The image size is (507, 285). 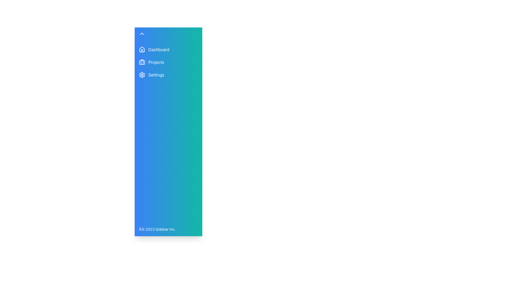 I want to click on the gear-shaped settings icon located to the left of the text 'Settings' in the vertical navigation menu, so click(x=142, y=75).